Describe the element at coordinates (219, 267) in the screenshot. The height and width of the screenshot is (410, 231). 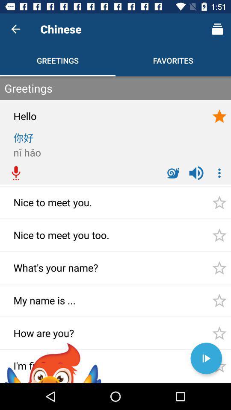
I see `the fourth star from the top` at that location.